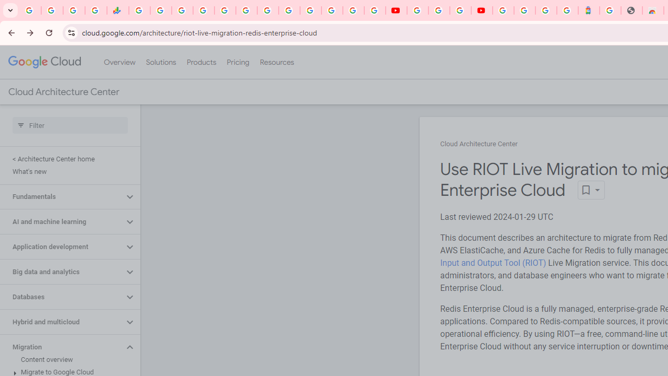 The width and height of the screenshot is (668, 376). What do you see at coordinates (591, 190) in the screenshot?
I see `'Open dropdown'` at bounding box center [591, 190].